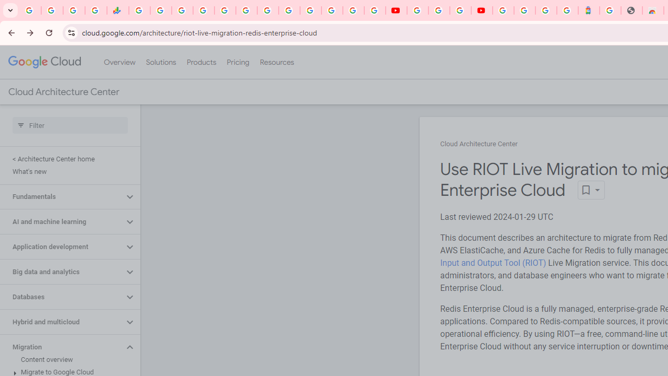 The width and height of the screenshot is (668, 376). What do you see at coordinates (591, 190) in the screenshot?
I see `'Open dropdown'` at bounding box center [591, 190].